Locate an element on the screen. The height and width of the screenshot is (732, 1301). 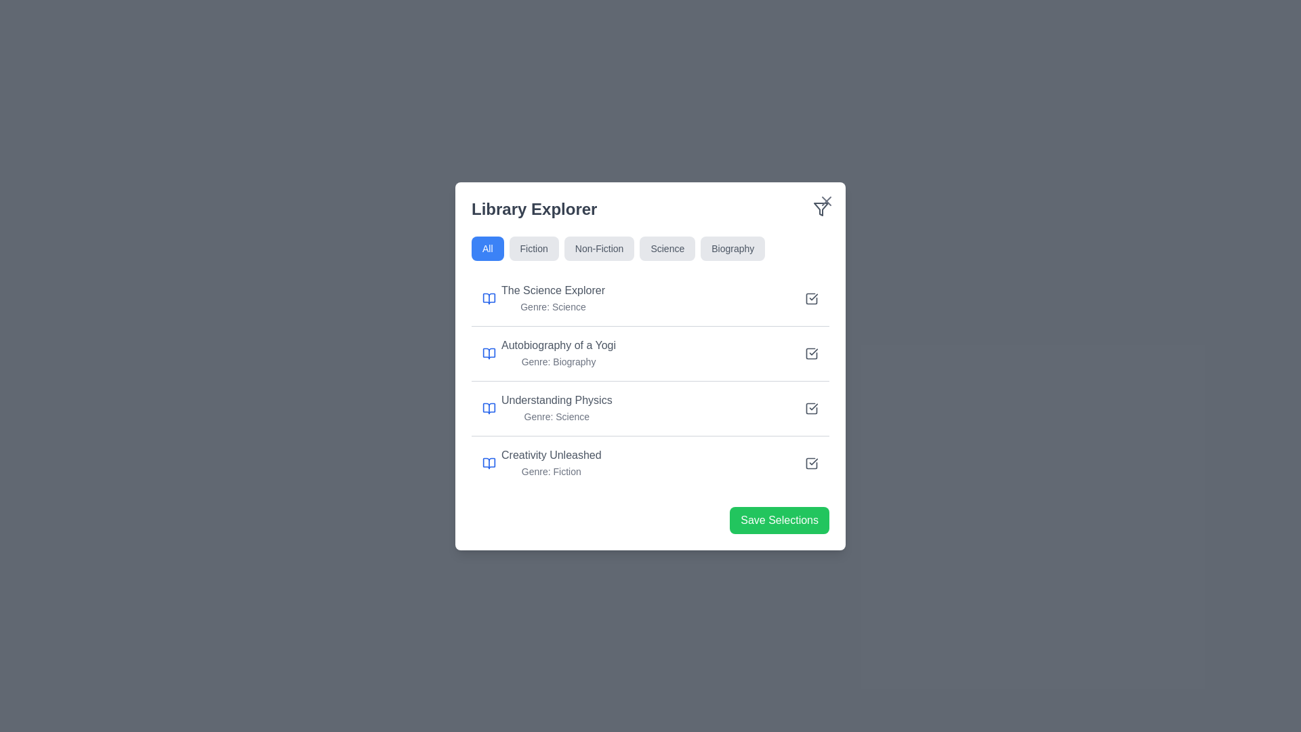
the 'Creativity Unleashed' text with icon element, which displays the title in a medium-weight font and genre in a lighter font, with a blue open book icon to the left is located at coordinates (541, 462).